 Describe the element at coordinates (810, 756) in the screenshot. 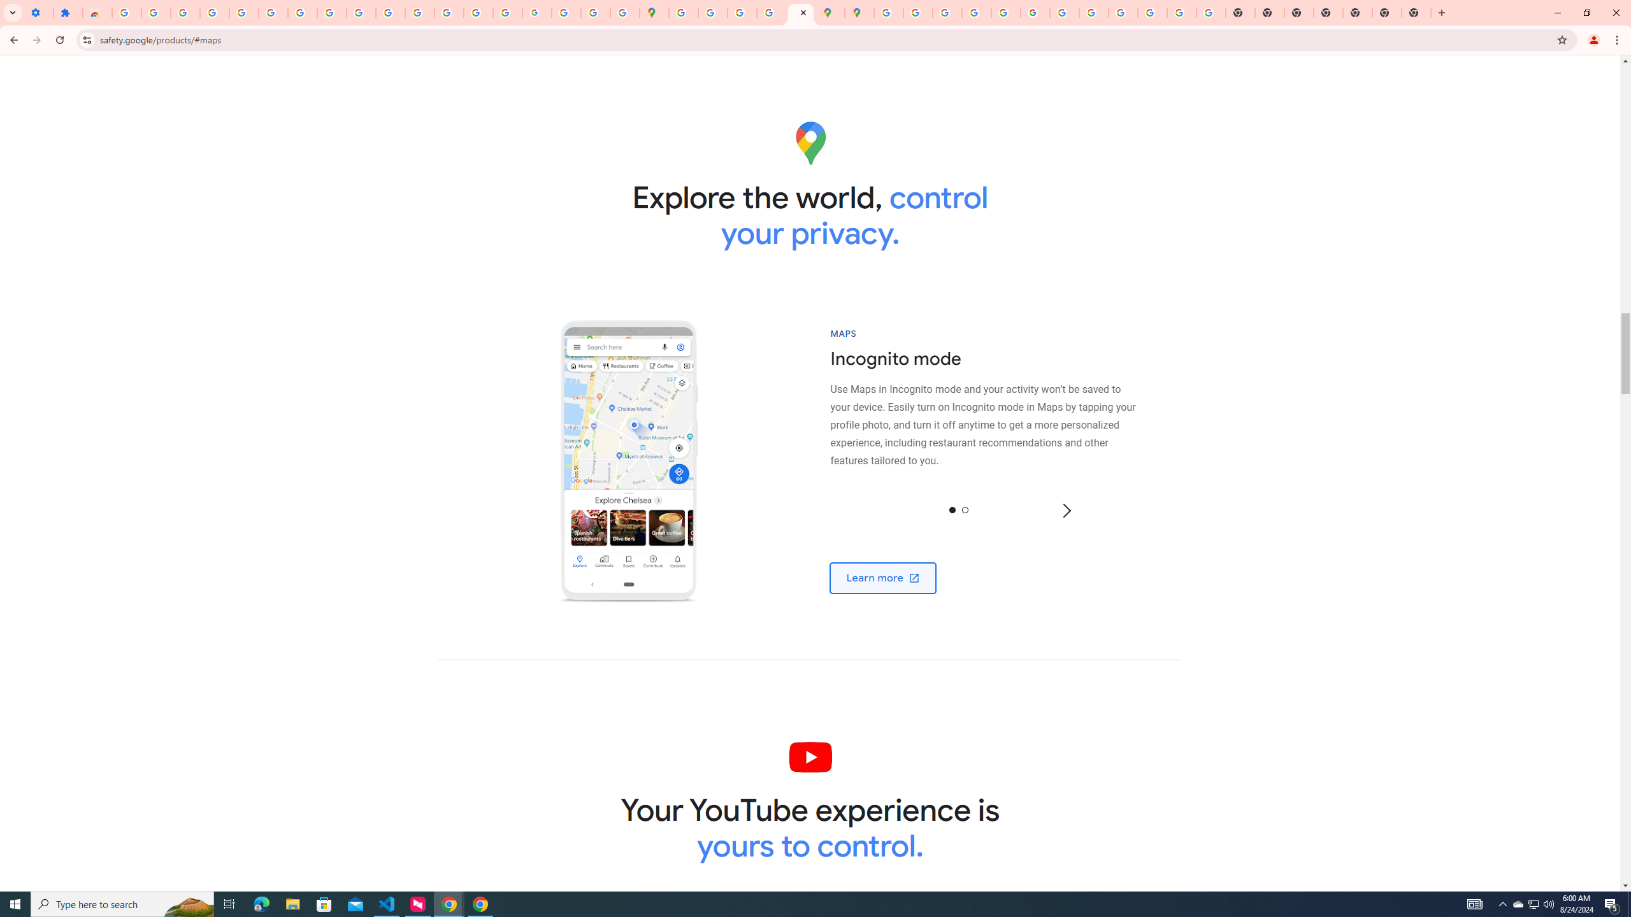

I see `'The YouTube logo'` at that location.